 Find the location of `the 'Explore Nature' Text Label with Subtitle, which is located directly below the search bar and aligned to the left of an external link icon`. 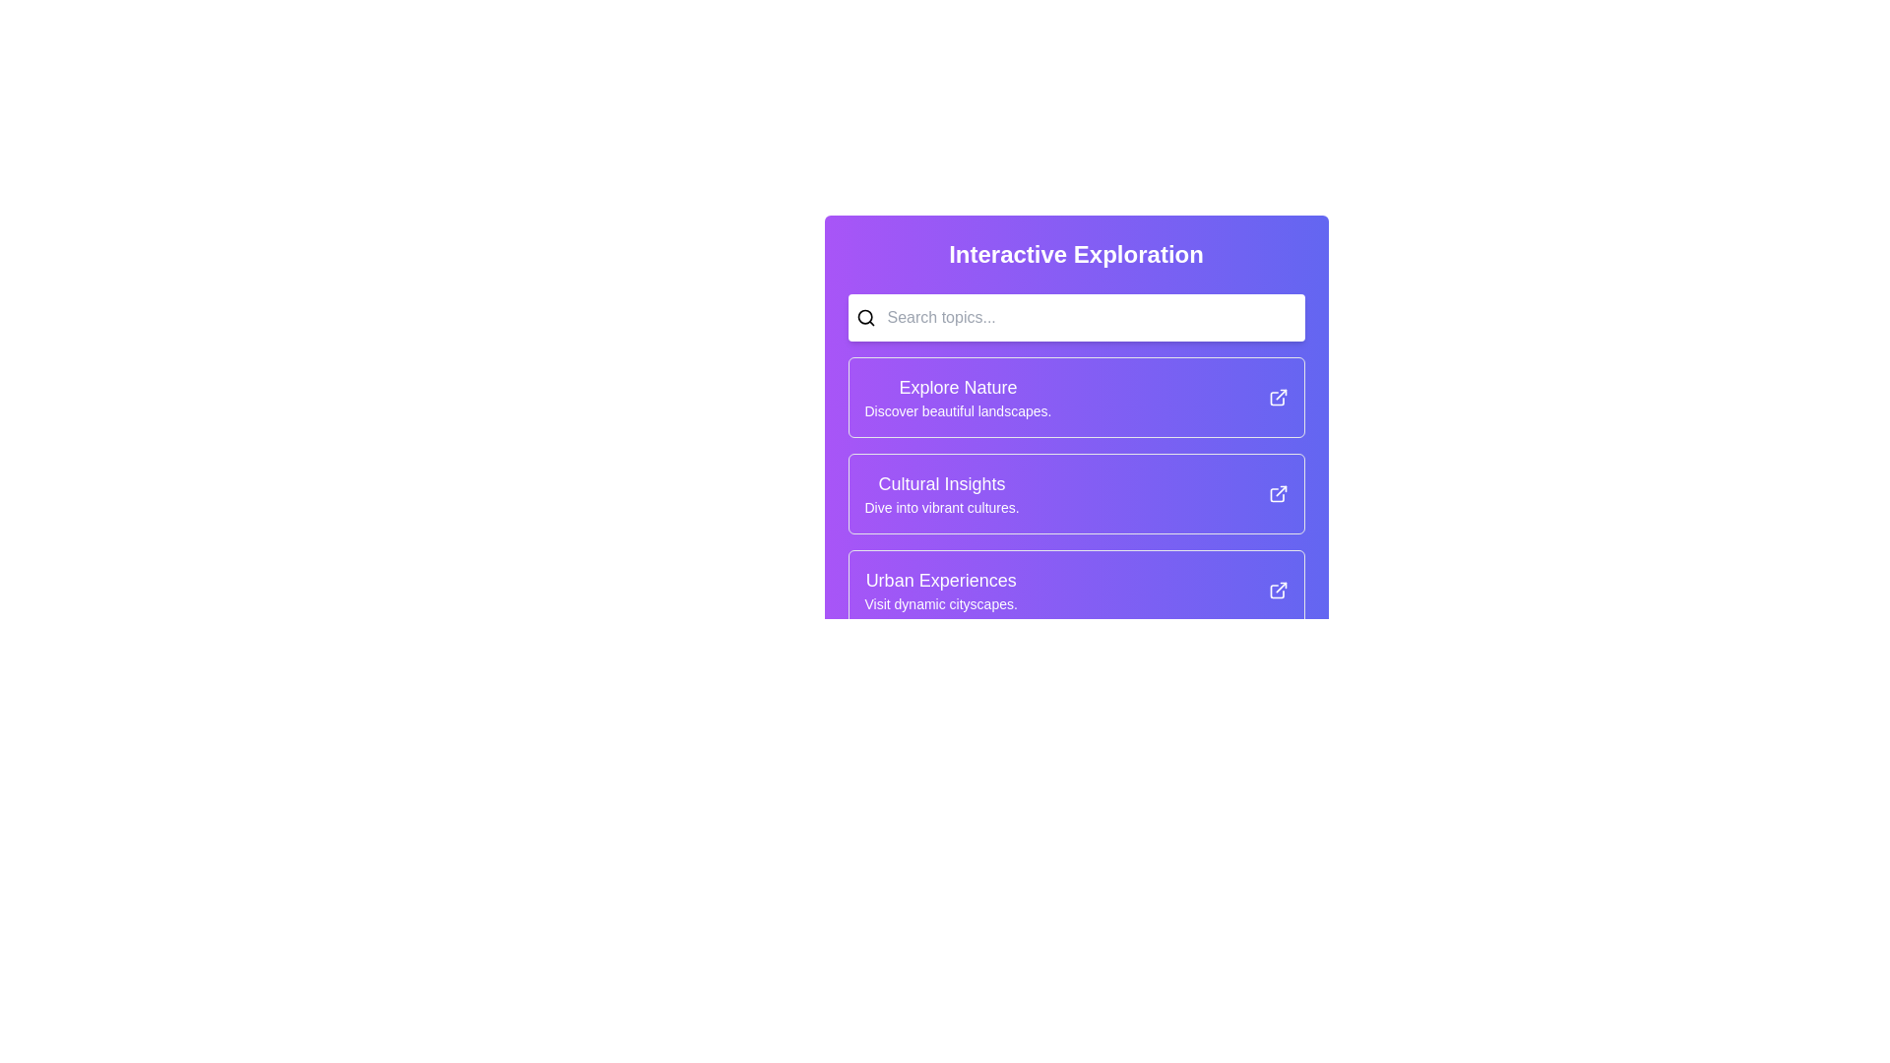

the 'Explore Nature' Text Label with Subtitle, which is located directly below the search bar and aligned to the left of an external link icon is located at coordinates (958, 398).